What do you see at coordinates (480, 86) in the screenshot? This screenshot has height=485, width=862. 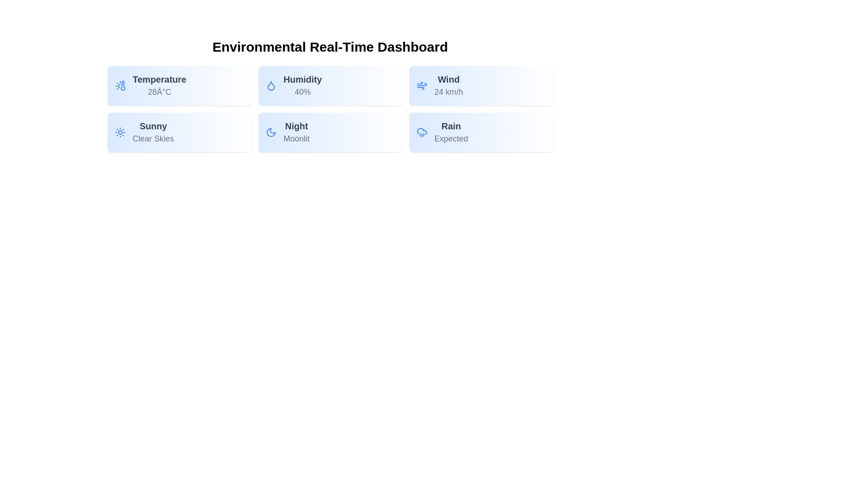 I see `the Informational display card for real-time wind conditions located in the top-right corner of the interface, next to the 'Humidity' card and above the 'Rain' card` at bounding box center [480, 86].